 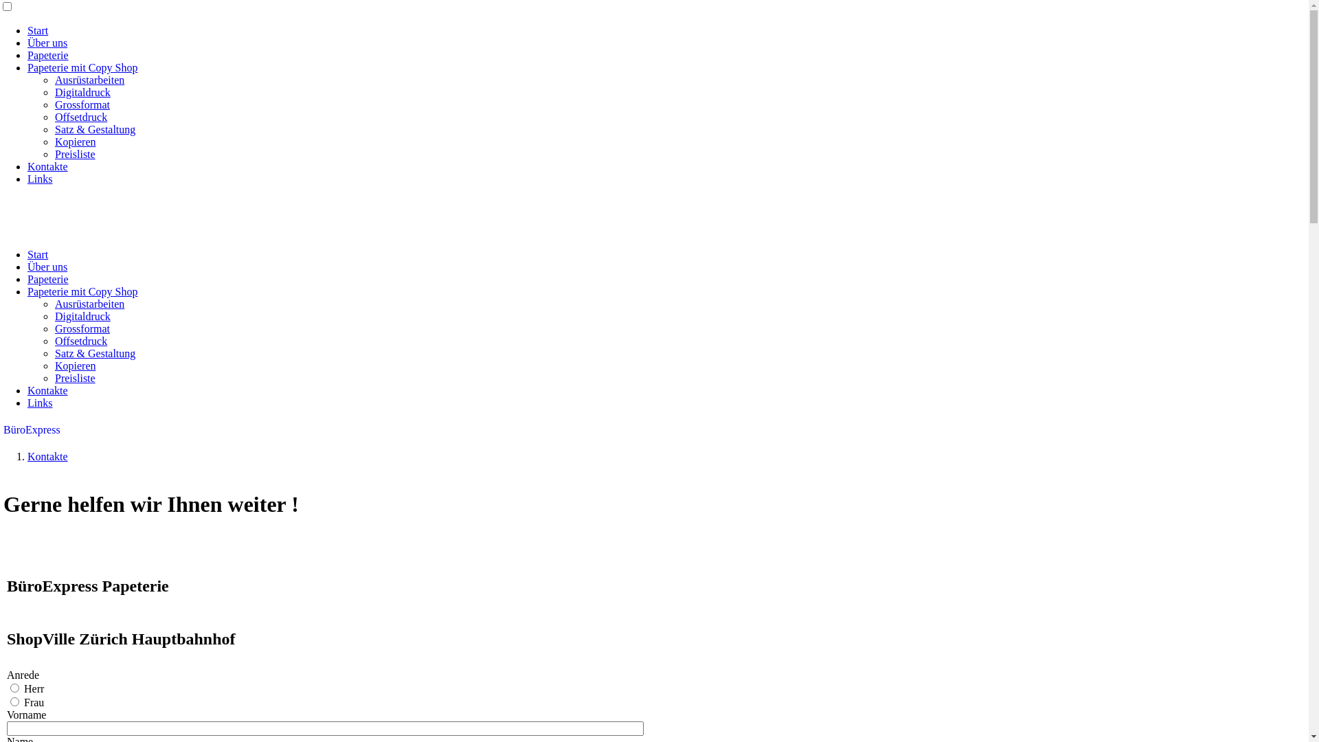 What do you see at coordinates (55, 92) in the screenshot?
I see `'Digitaldruck'` at bounding box center [55, 92].